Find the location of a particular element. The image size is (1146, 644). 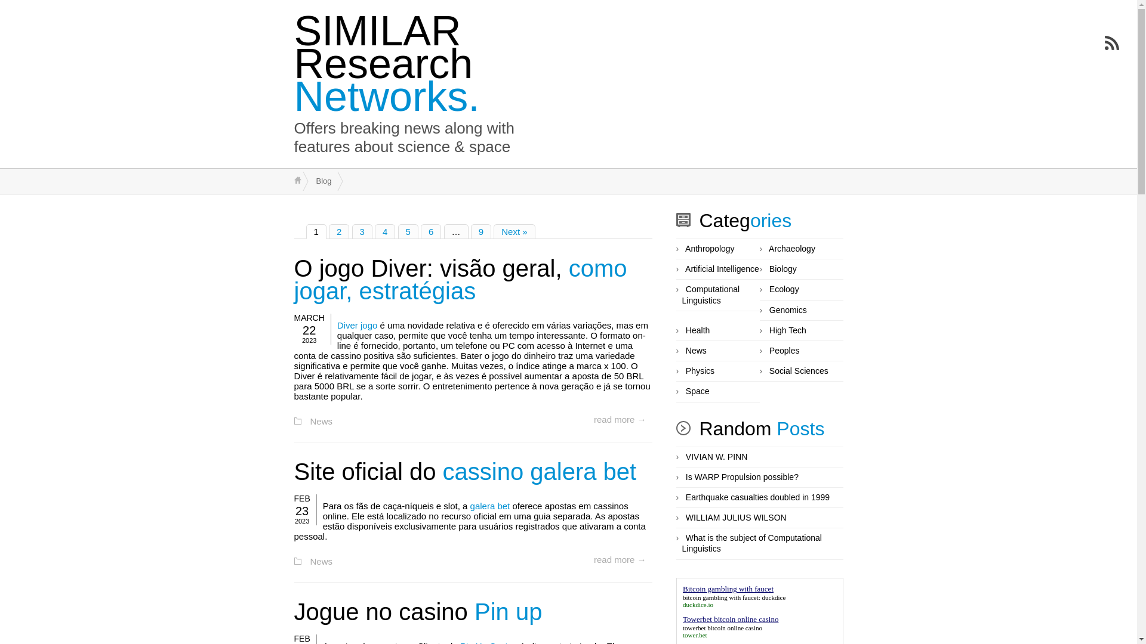

'2' is located at coordinates (338, 231).